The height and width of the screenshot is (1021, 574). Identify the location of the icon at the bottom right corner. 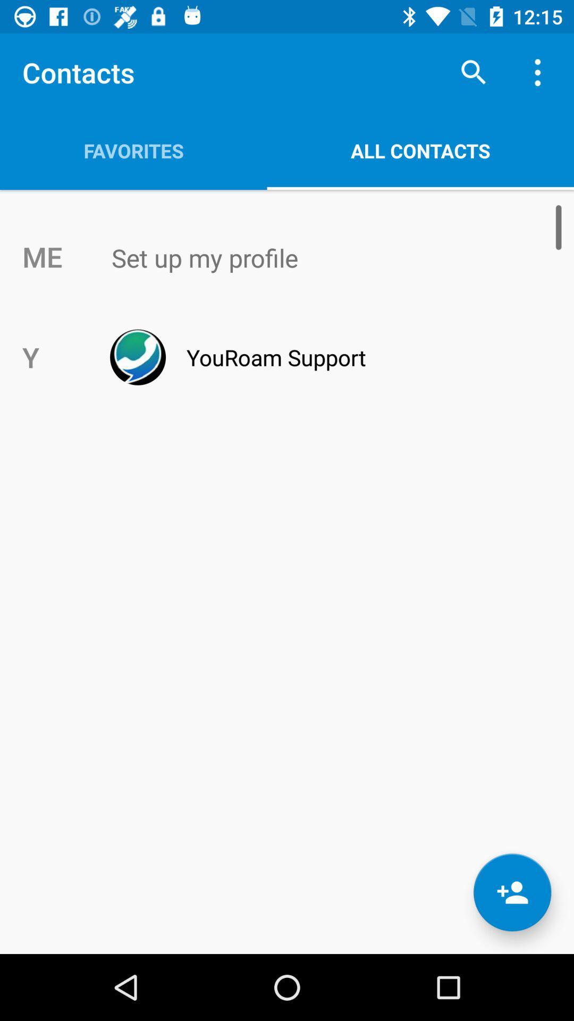
(512, 892).